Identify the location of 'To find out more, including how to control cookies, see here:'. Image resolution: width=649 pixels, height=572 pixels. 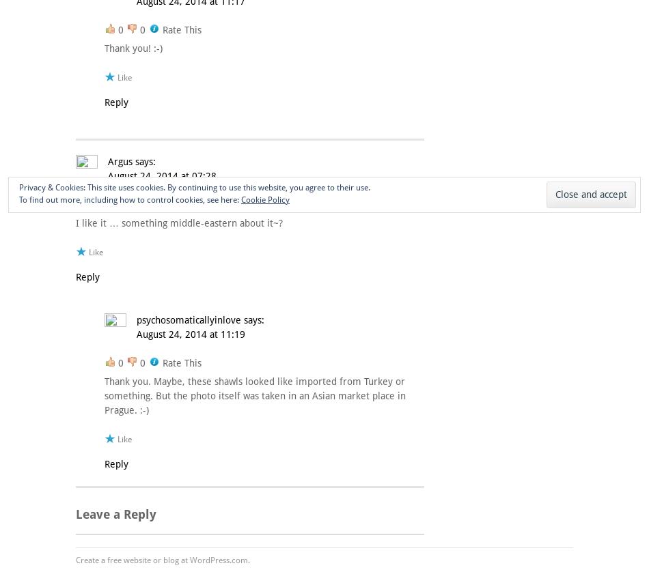
(130, 199).